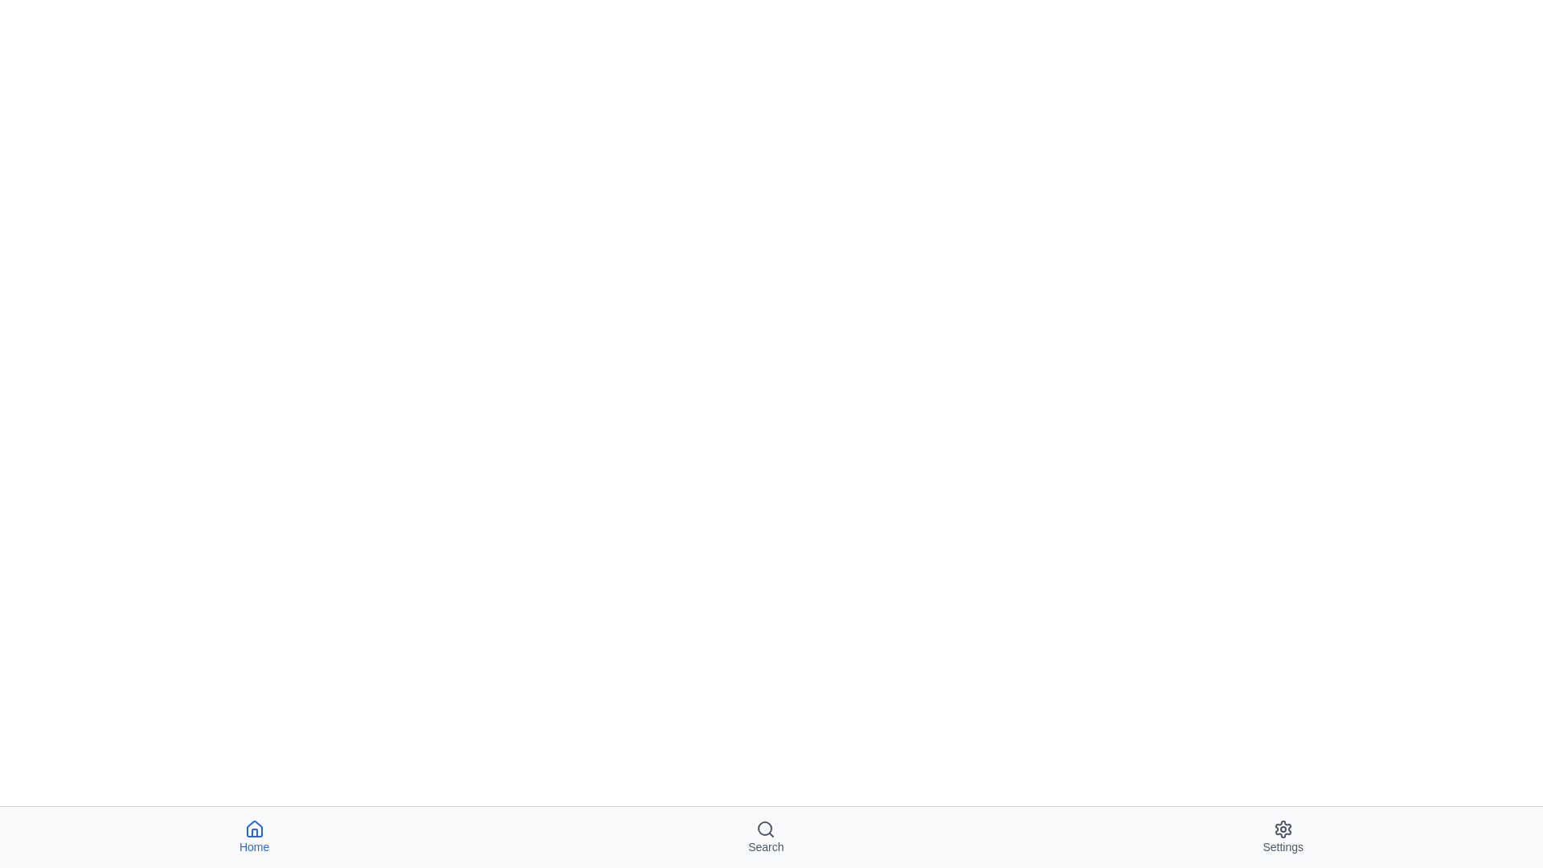 Image resolution: width=1543 pixels, height=868 pixels. Describe the element at coordinates (253, 836) in the screenshot. I see `the 'Home' button, which is a vertically-aligned navigation option featuring a house icon and blue text, located at the bottom-left corner of the interface` at that location.